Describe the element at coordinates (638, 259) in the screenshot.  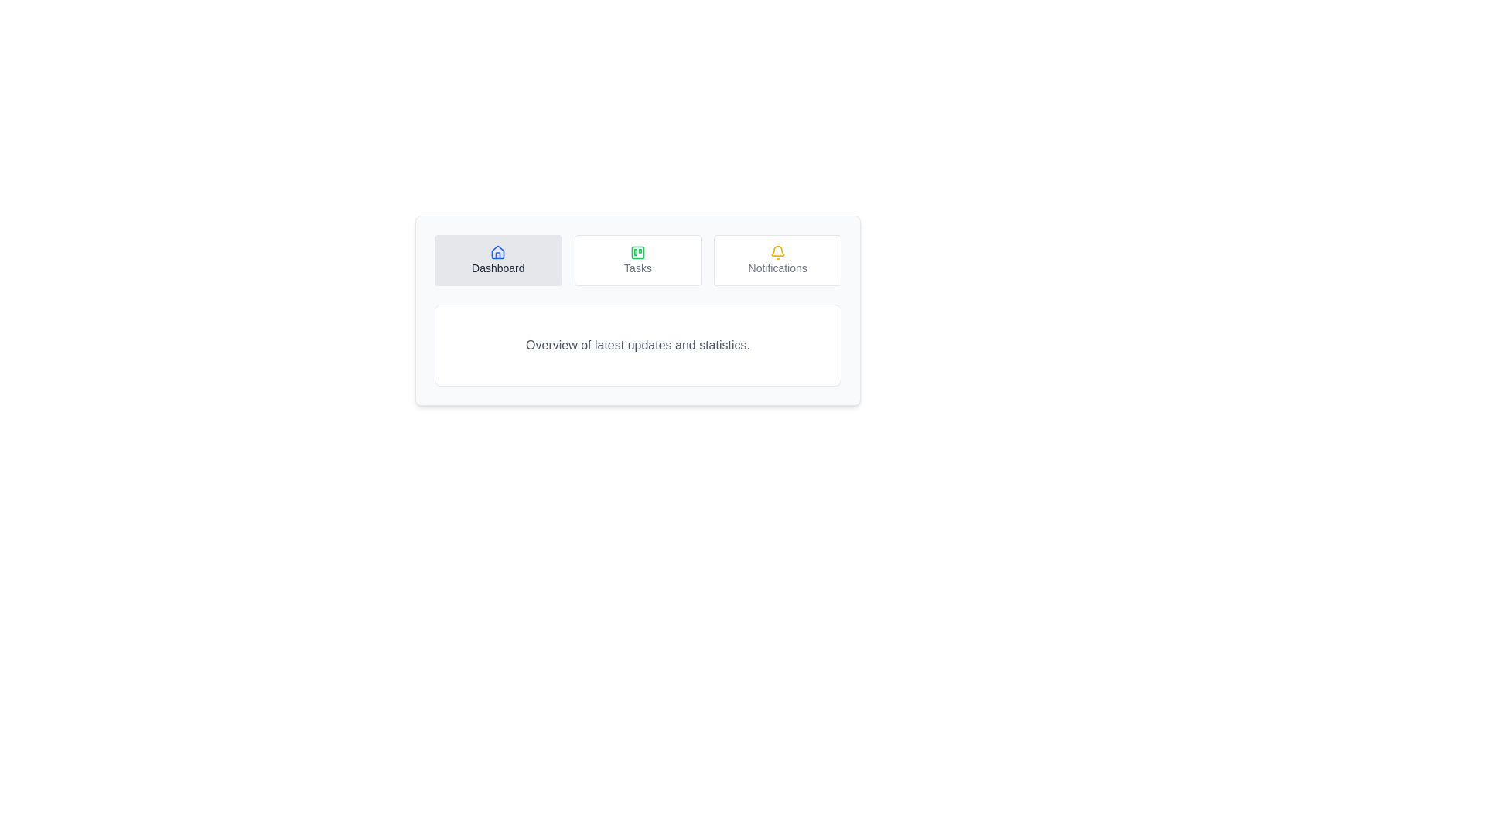
I see `the Tasks tab by clicking its button` at that location.